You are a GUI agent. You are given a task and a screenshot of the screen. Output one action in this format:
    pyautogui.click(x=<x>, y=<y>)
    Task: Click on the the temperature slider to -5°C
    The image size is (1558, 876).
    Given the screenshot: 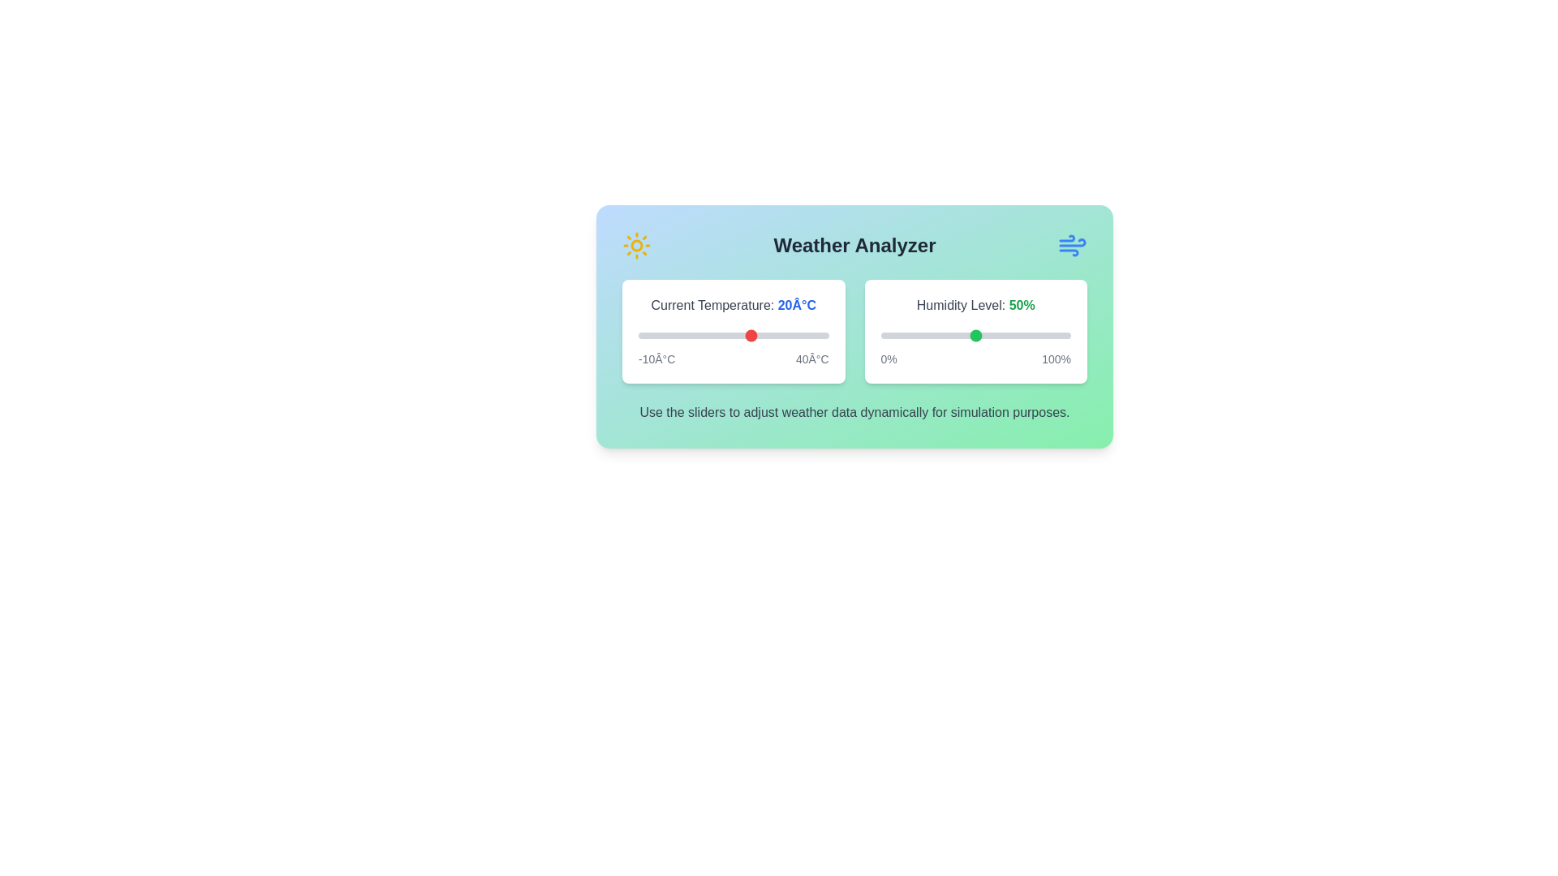 What is the action you would take?
    pyautogui.click(x=657, y=334)
    